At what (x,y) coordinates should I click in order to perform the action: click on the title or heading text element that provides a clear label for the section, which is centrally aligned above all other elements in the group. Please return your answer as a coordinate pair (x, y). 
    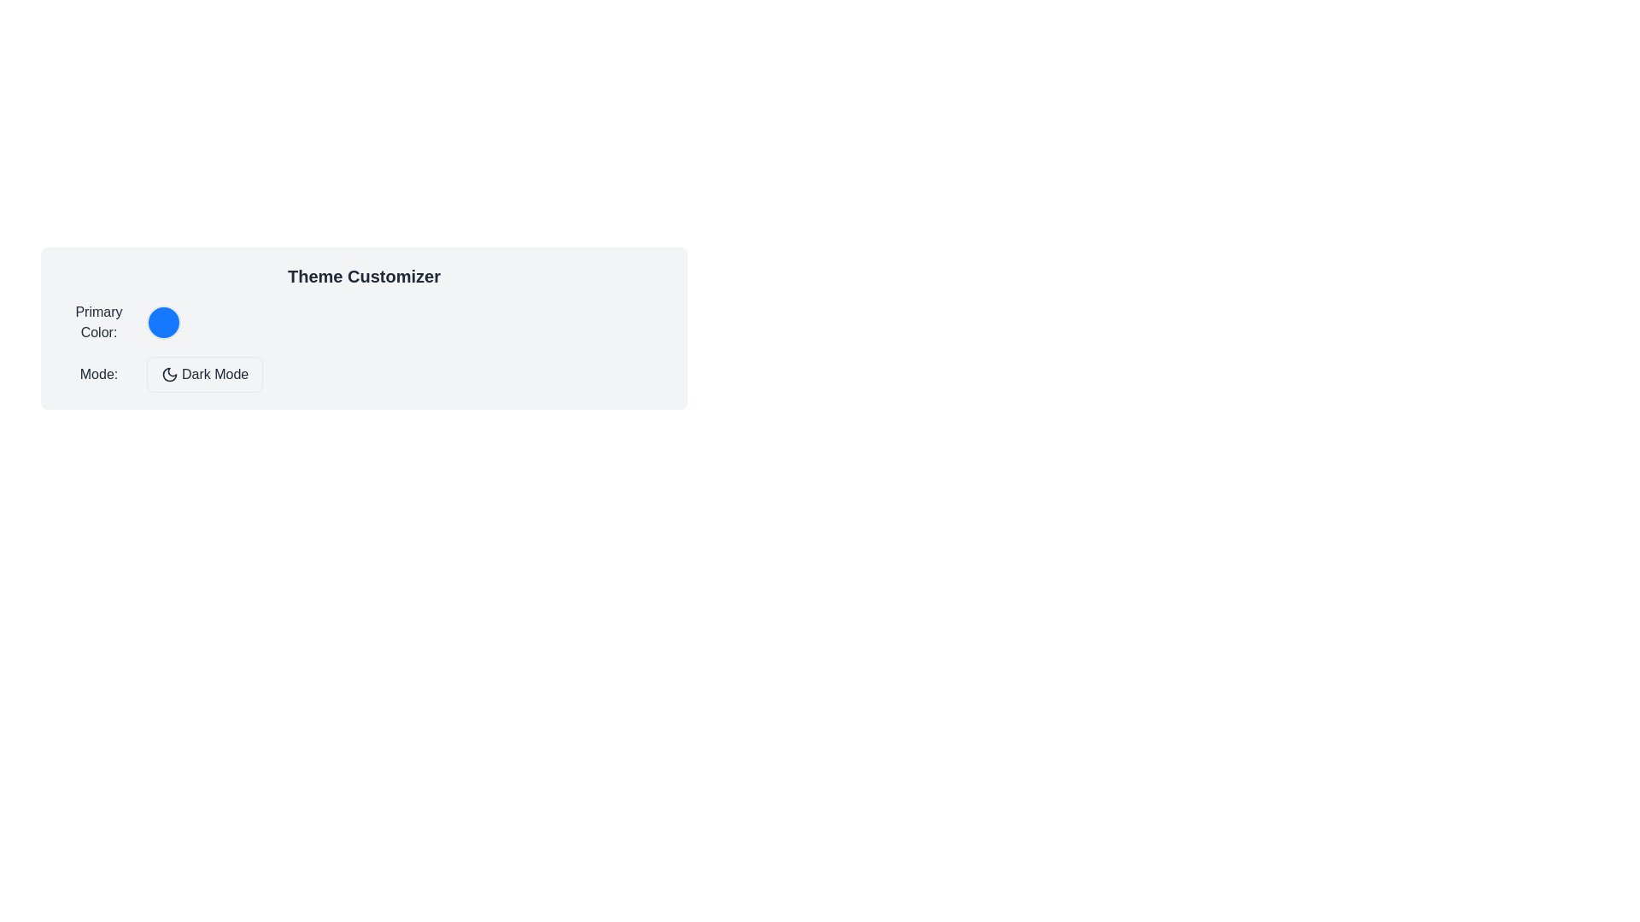
    Looking at the image, I should click on (363, 276).